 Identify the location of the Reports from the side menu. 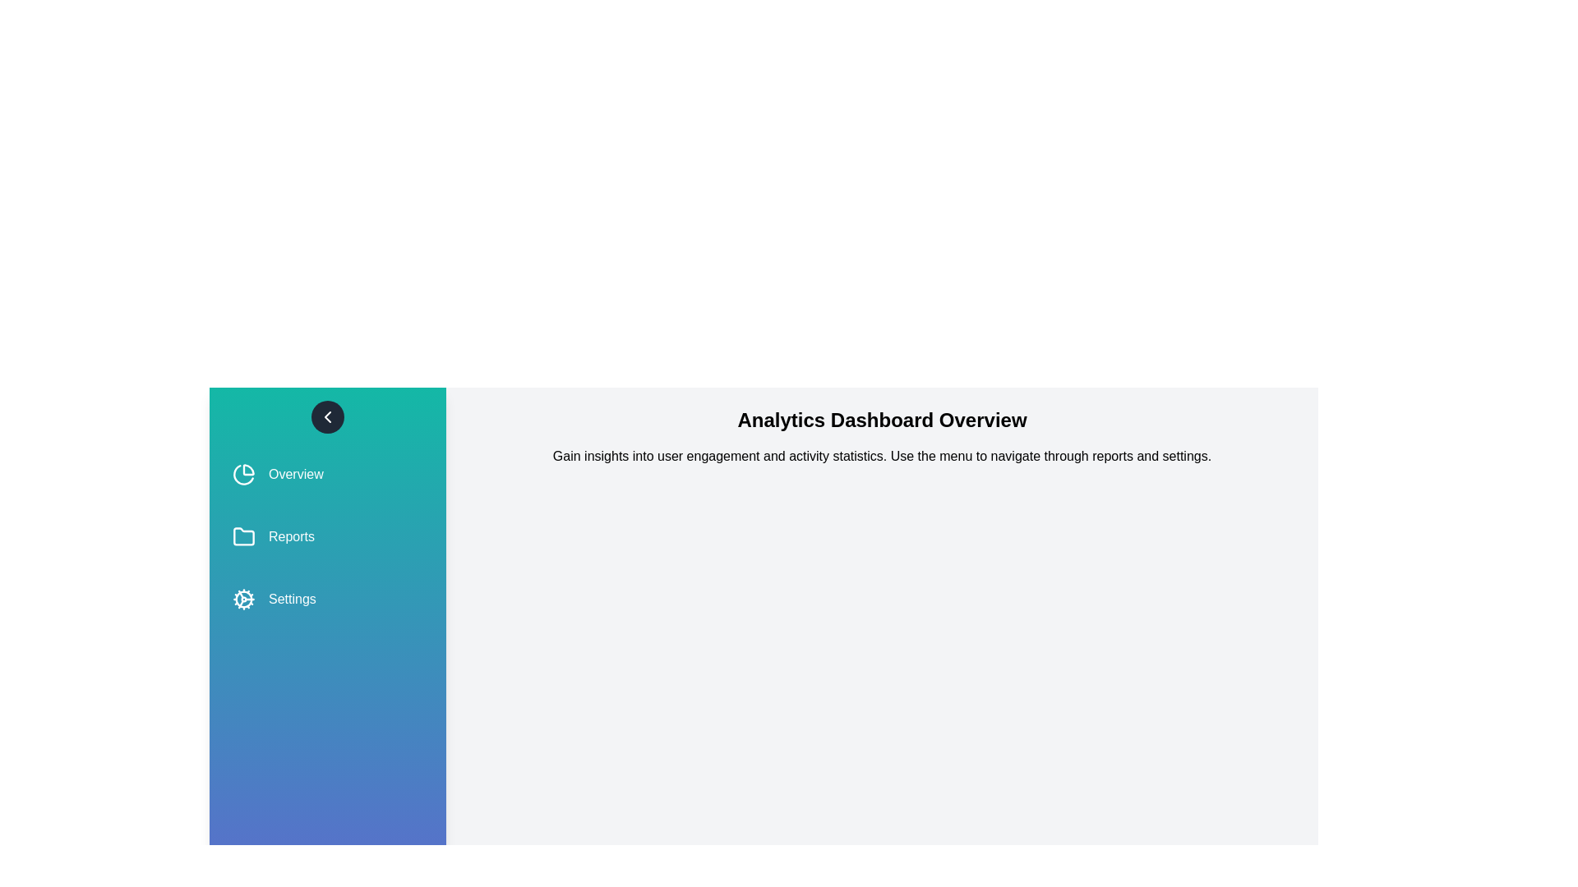
(327, 537).